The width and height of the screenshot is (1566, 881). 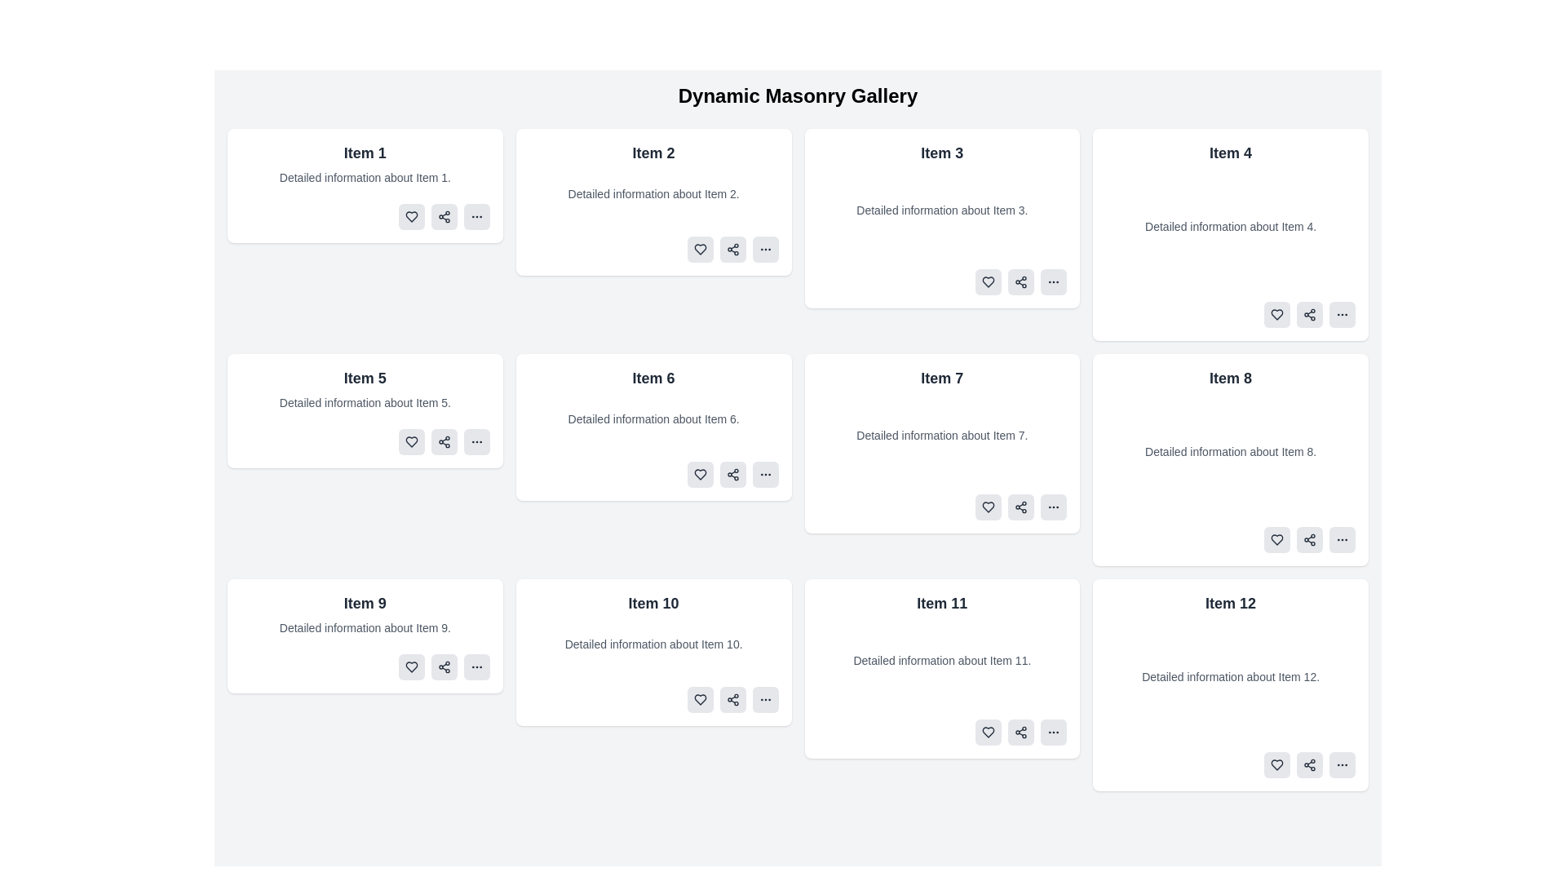 I want to click on the share icon button located in the bottom-right corner of the 'Item 5' card, which is a rounded rectangular button with a gray background, so click(x=444, y=442).